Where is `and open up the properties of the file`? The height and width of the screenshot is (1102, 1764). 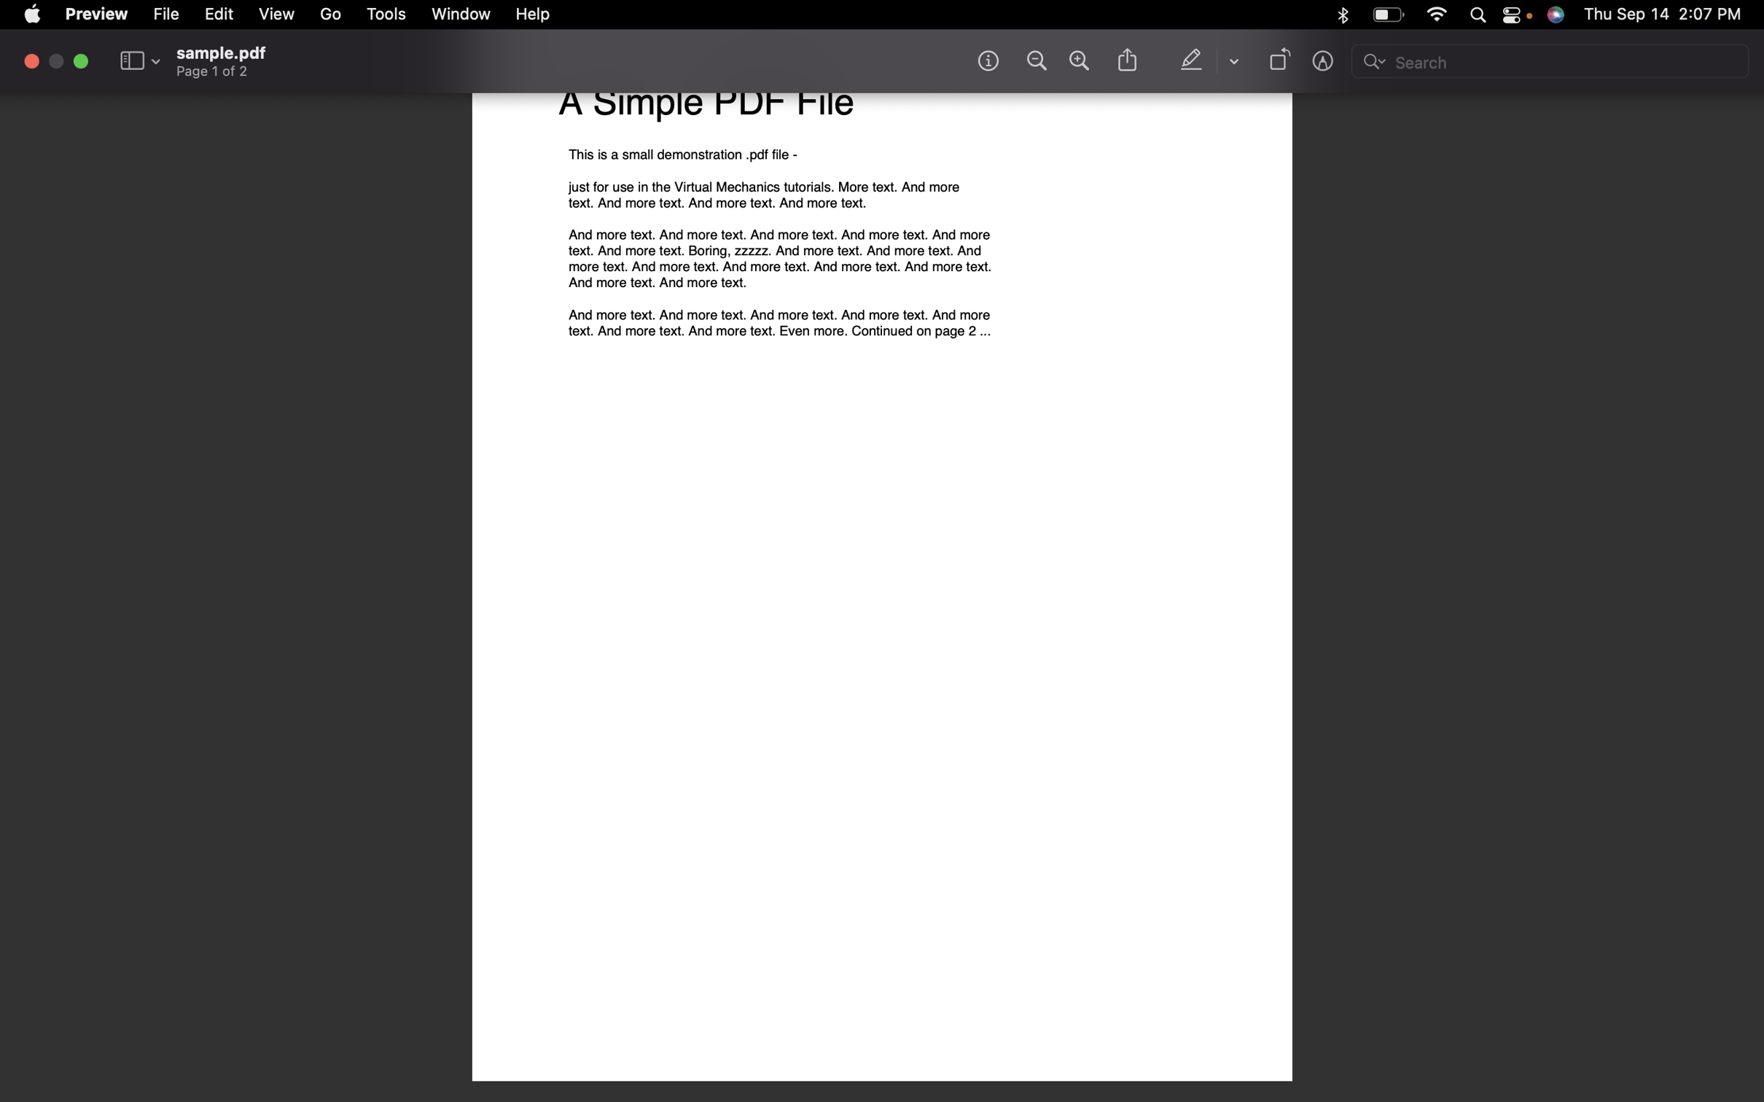
and open up the properties of the file is located at coordinates (168, 13).